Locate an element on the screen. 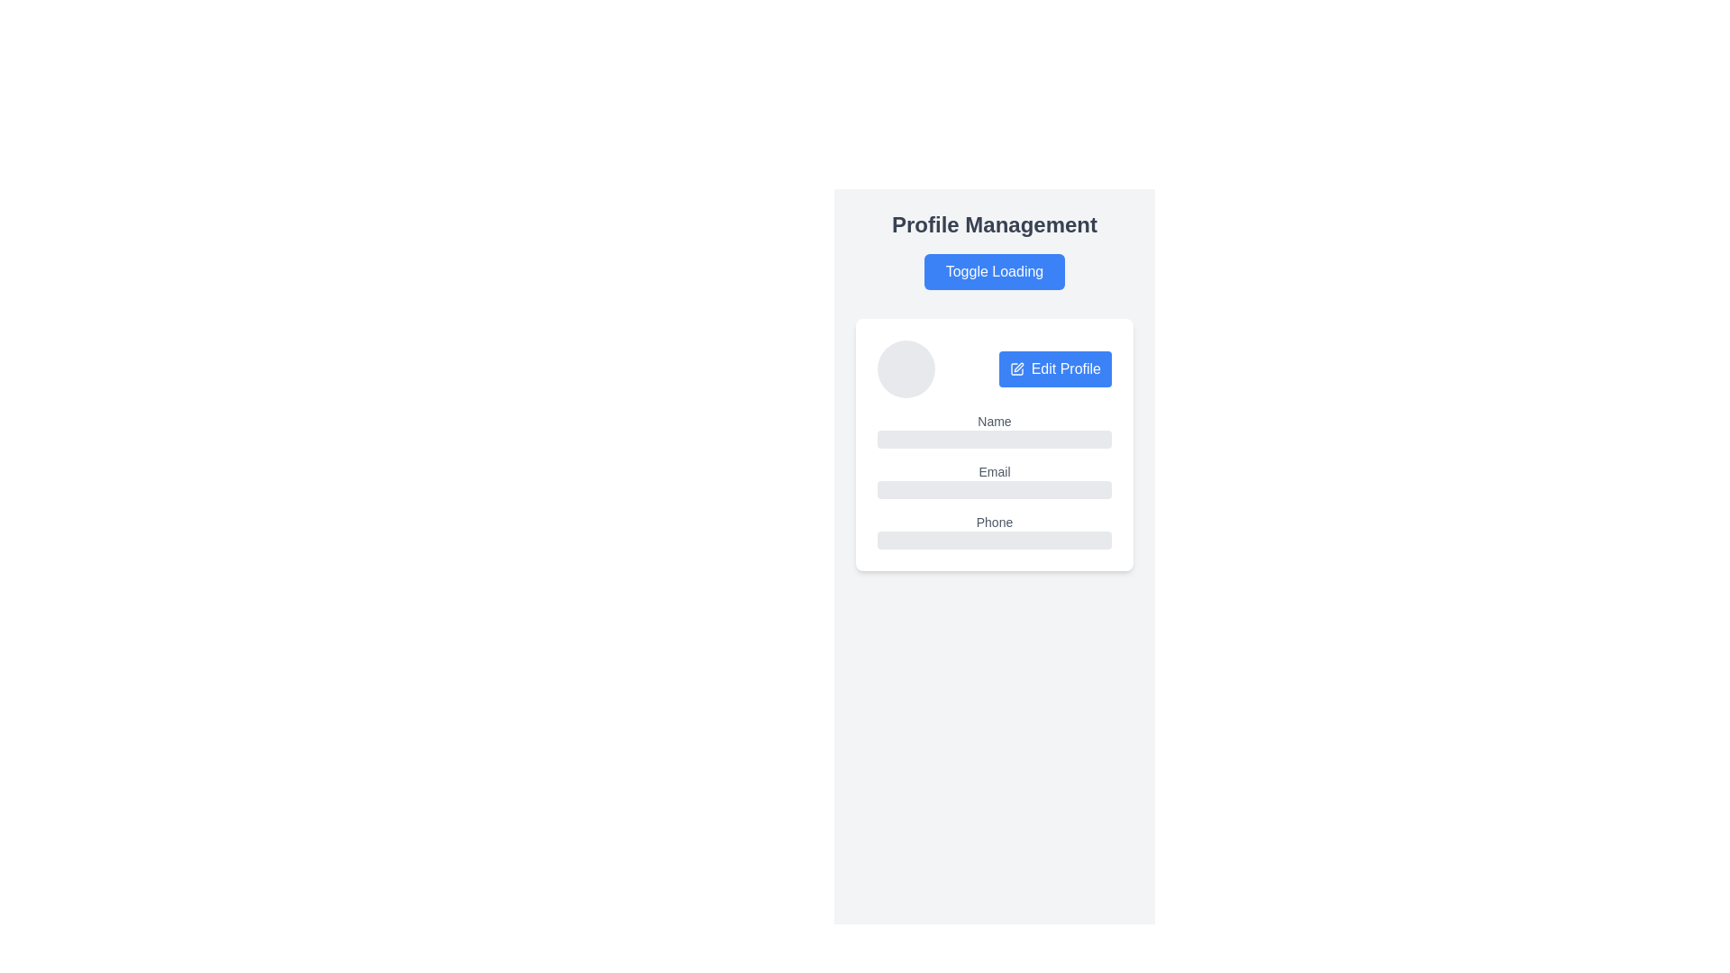 Image resolution: width=1730 pixels, height=973 pixels. the 'Email' label in the Profile Management panel is located at coordinates (994, 479).